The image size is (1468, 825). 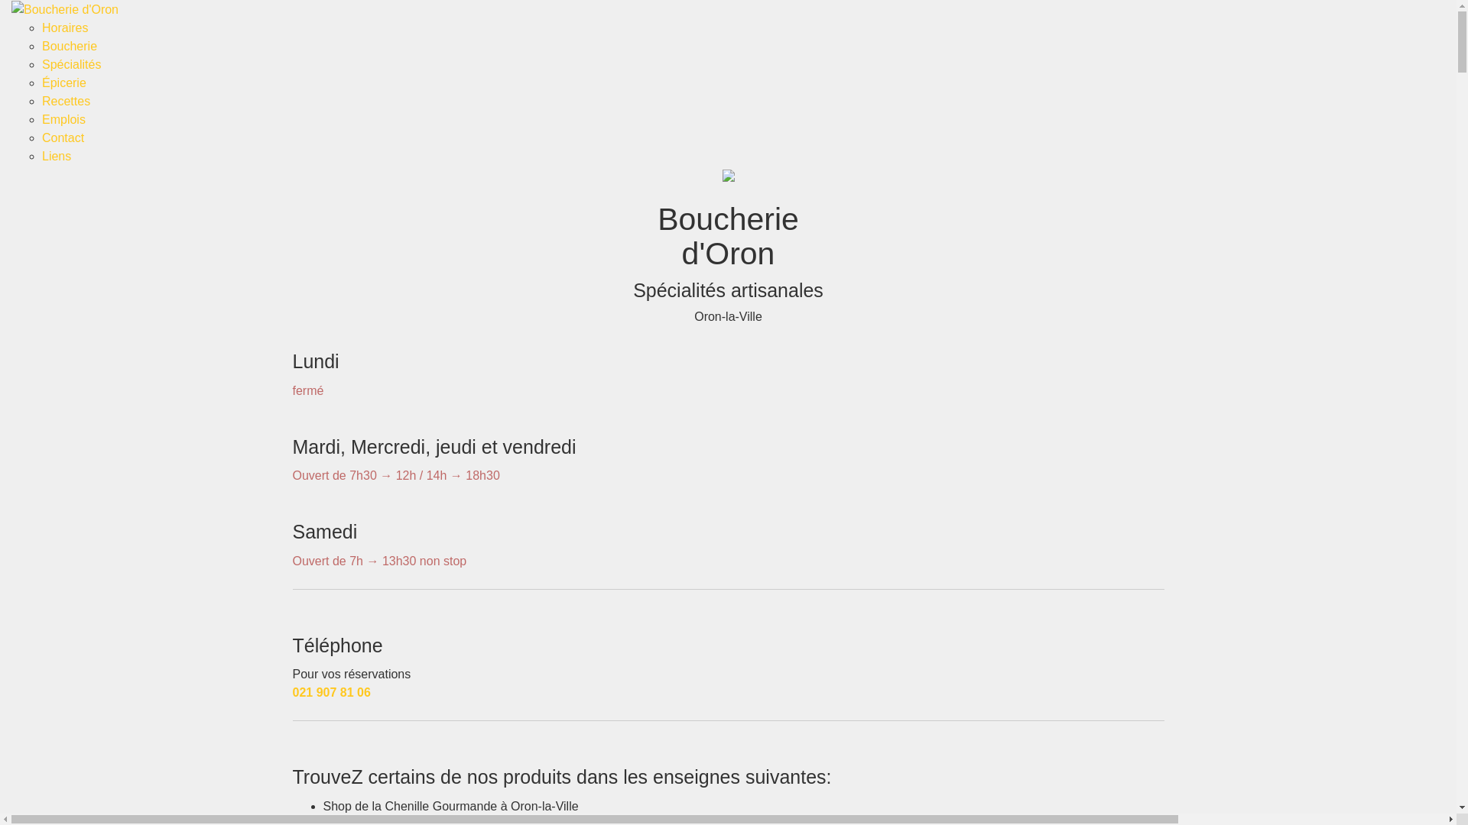 What do you see at coordinates (69, 45) in the screenshot?
I see `'Boucherie'` at bounding box center [69, 45].